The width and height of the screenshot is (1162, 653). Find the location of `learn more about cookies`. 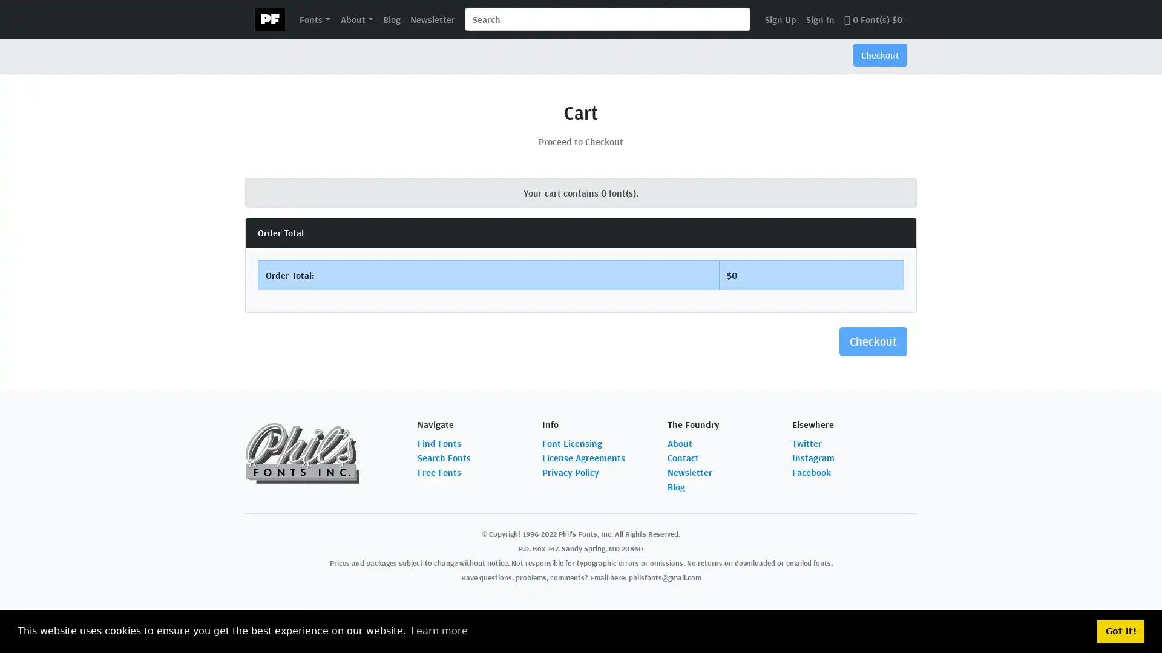

learn more about cookies is located at coordinates (438, 631).